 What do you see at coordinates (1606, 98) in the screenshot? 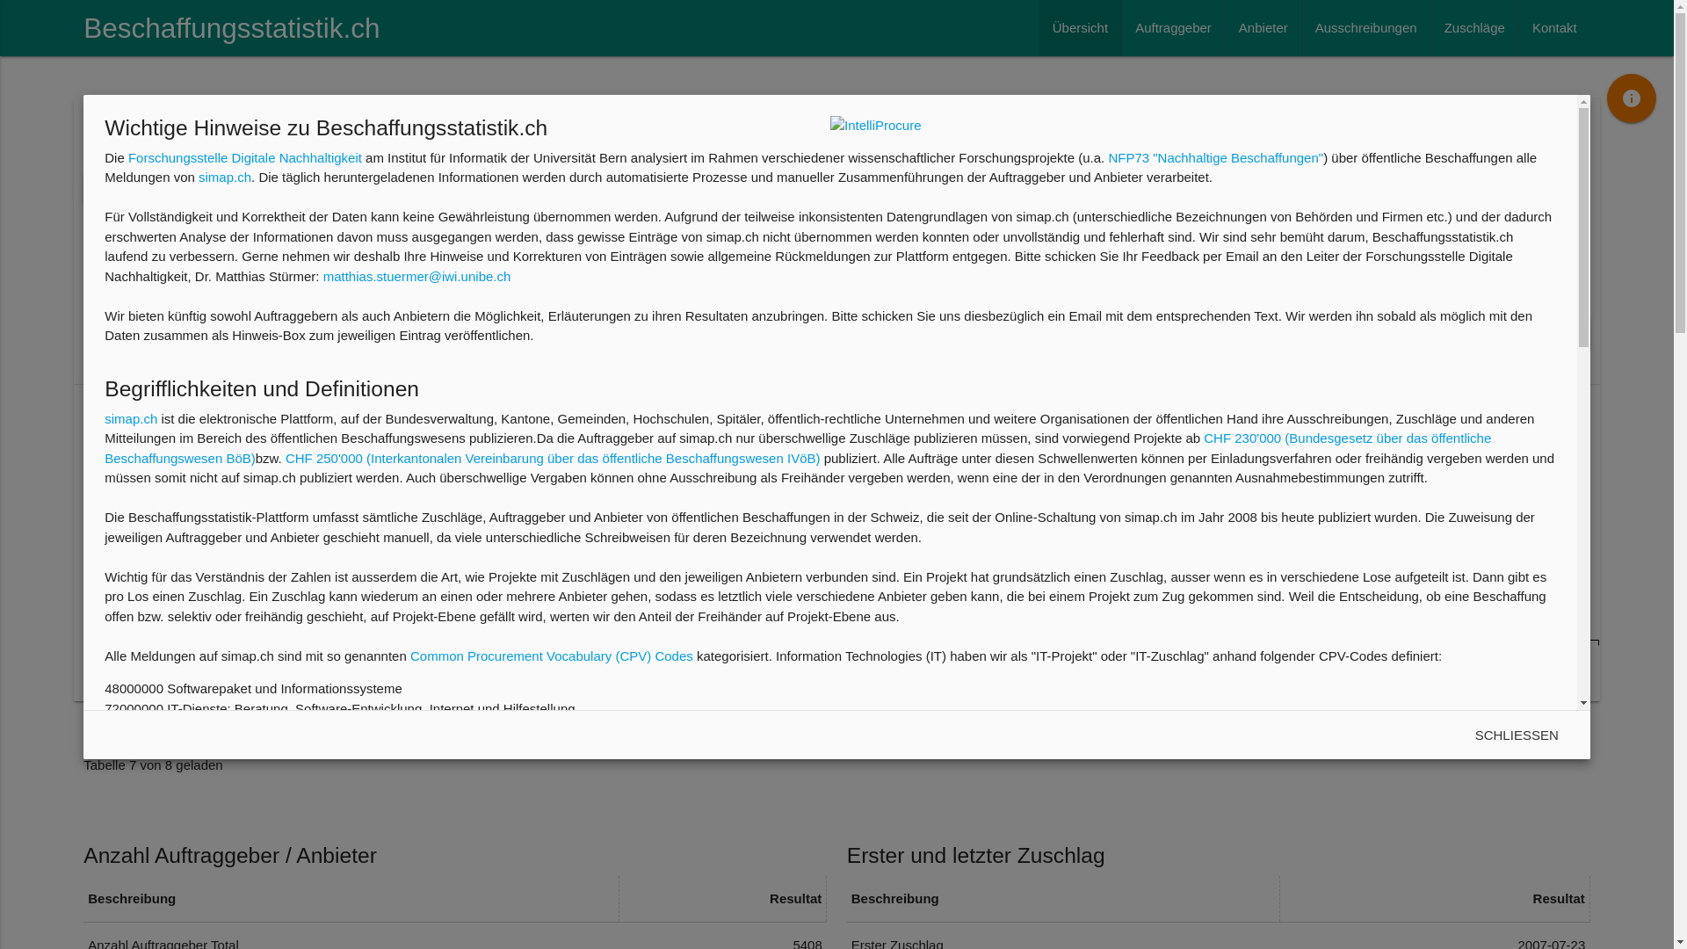
I see `'info'` at bounding box center [1606, 98].